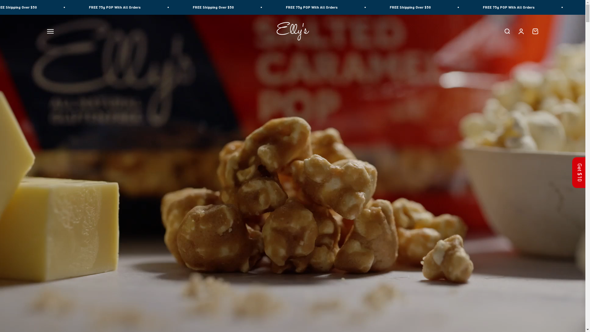 Image resolution: width=590 pixels, height=332 pixels. What do you see at coordinates (503, 31) in the screenshot?
I see `'Open search'` at bounding box center [503, 31].